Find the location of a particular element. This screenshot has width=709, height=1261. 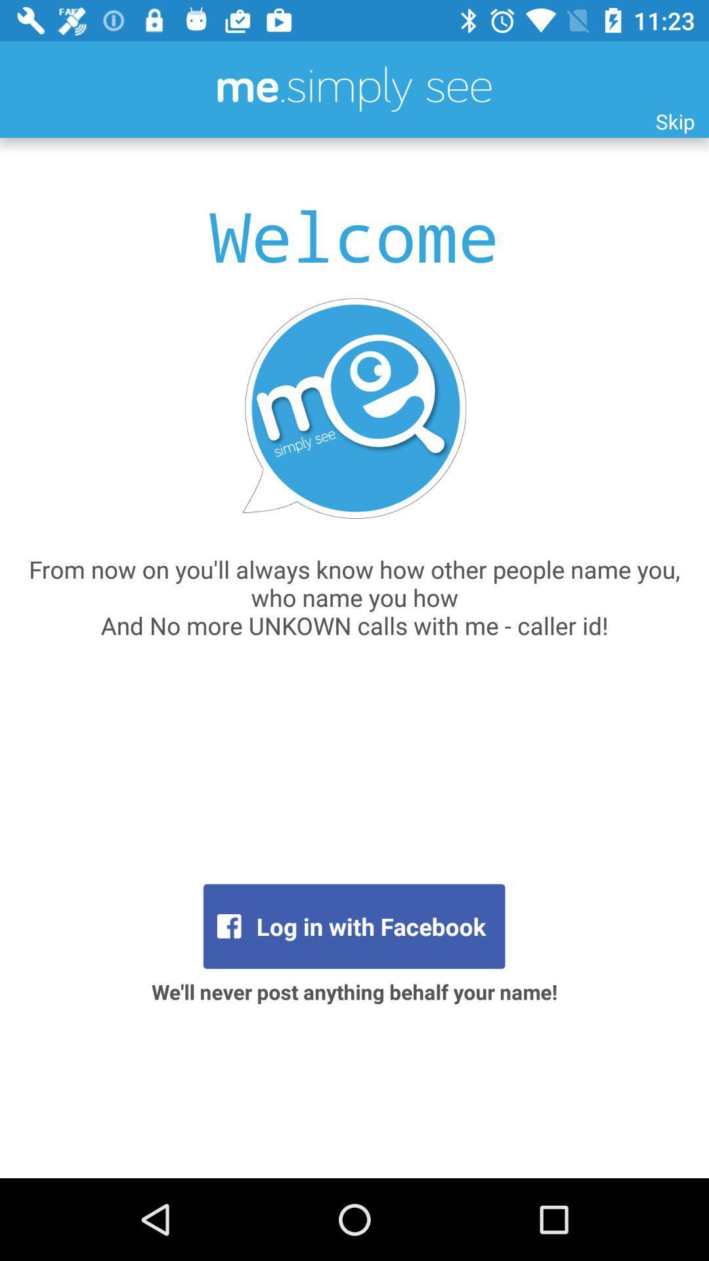

skip item is located at coordinates (676, 121).